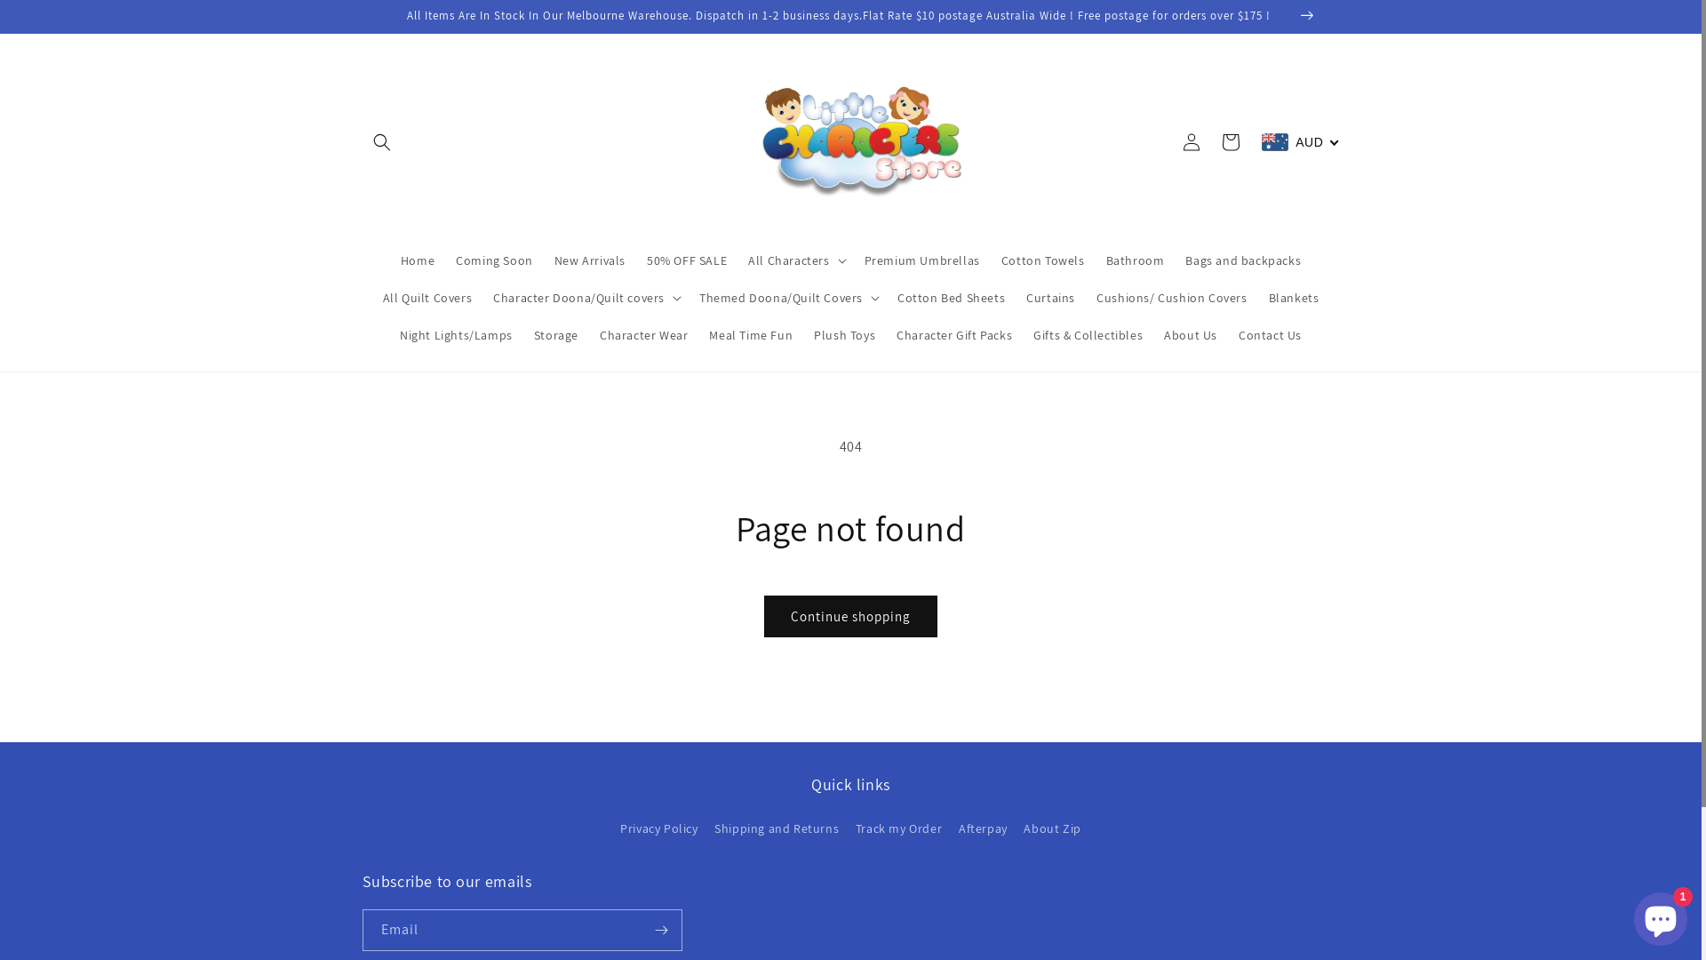 Image resolution: width=1706 pixels, height=960 pixels. Describe the element at coordinates (887, 297) in the screenshot. I see `'Cotton Bed Sheets'` at that location.